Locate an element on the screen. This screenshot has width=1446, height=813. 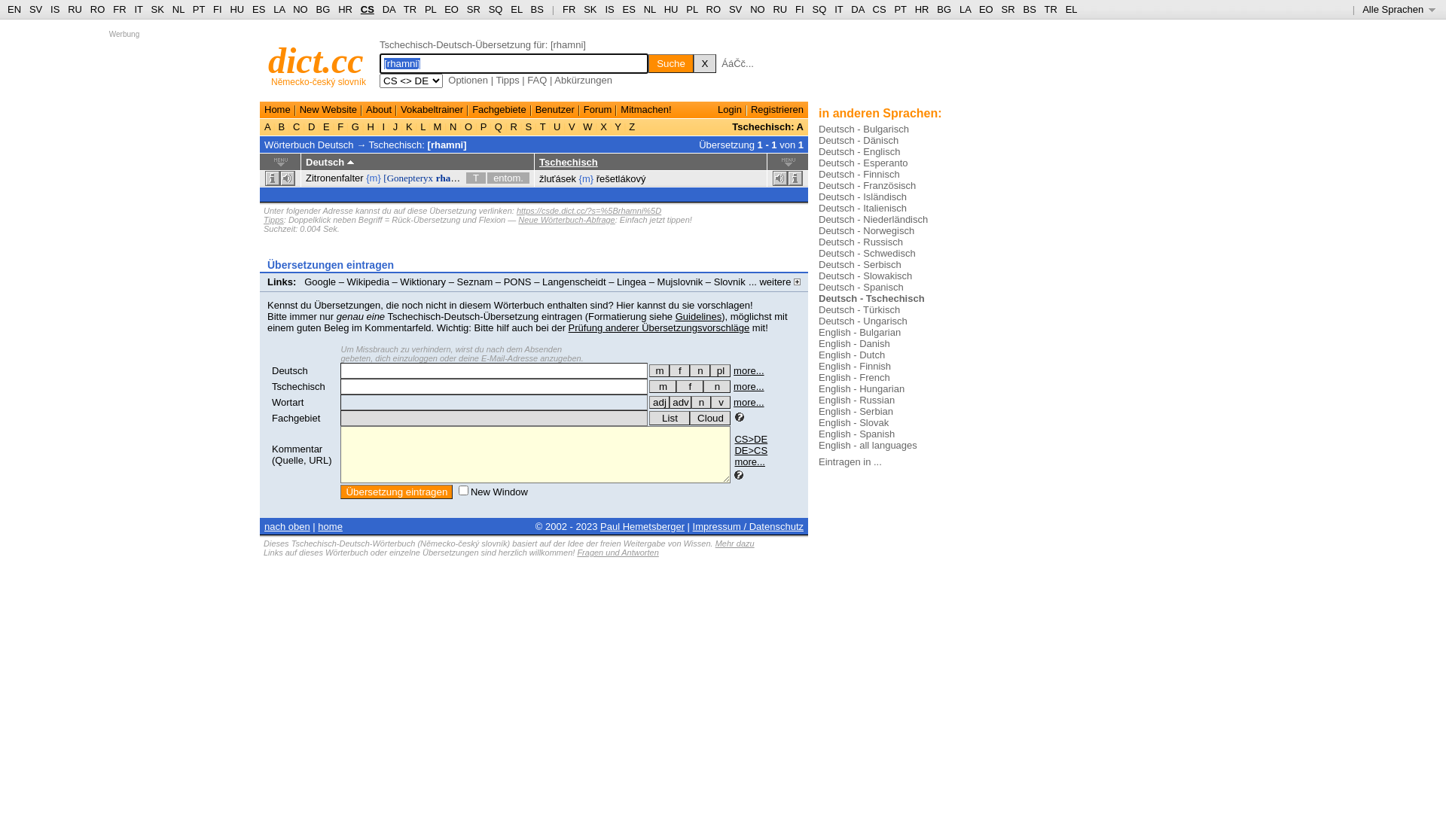
'CS' is located at coordinates (368, 9).